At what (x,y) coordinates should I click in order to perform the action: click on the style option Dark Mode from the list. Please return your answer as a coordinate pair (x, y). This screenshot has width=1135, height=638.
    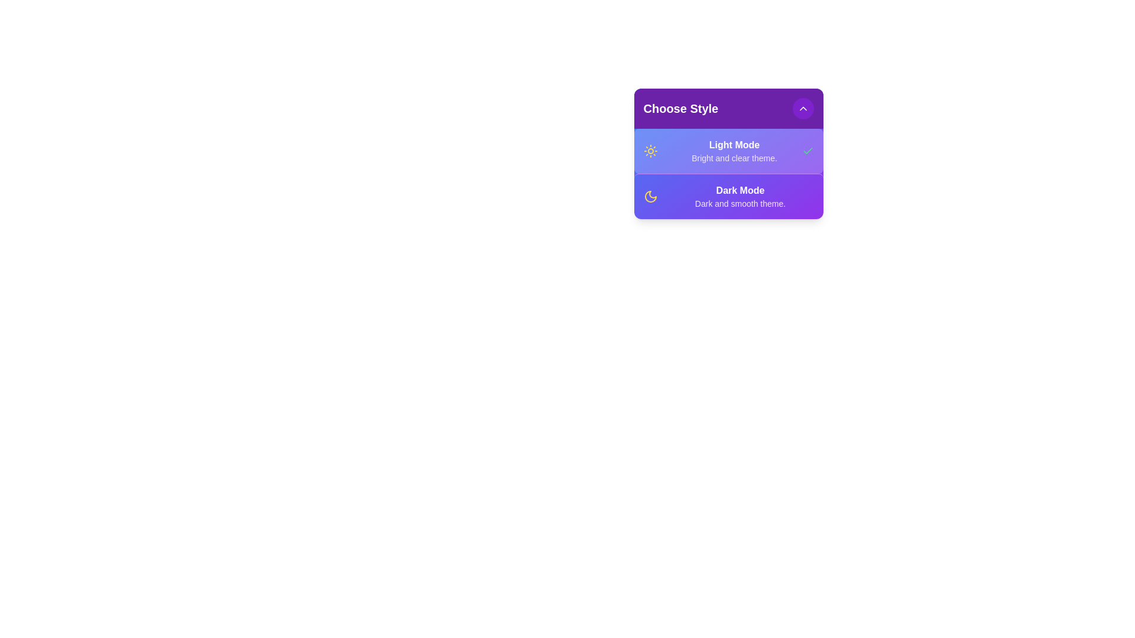
    Looking at the image, I should click on (709, 194).